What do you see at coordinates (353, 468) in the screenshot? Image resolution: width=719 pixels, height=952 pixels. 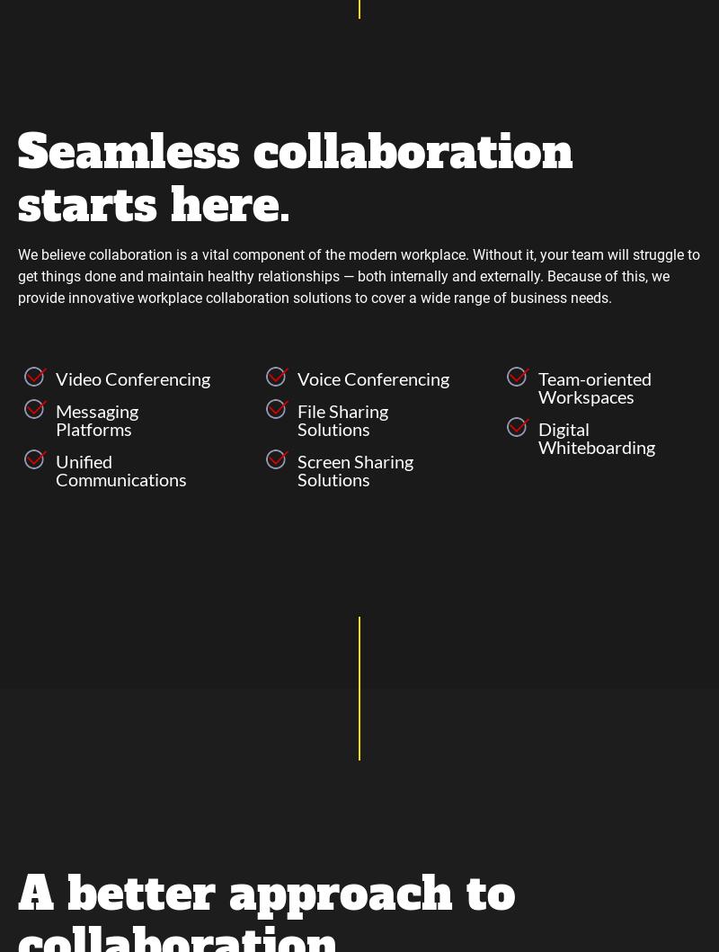 I see `'Screen Sharing Solutions'` at bounding box center [353, 468].